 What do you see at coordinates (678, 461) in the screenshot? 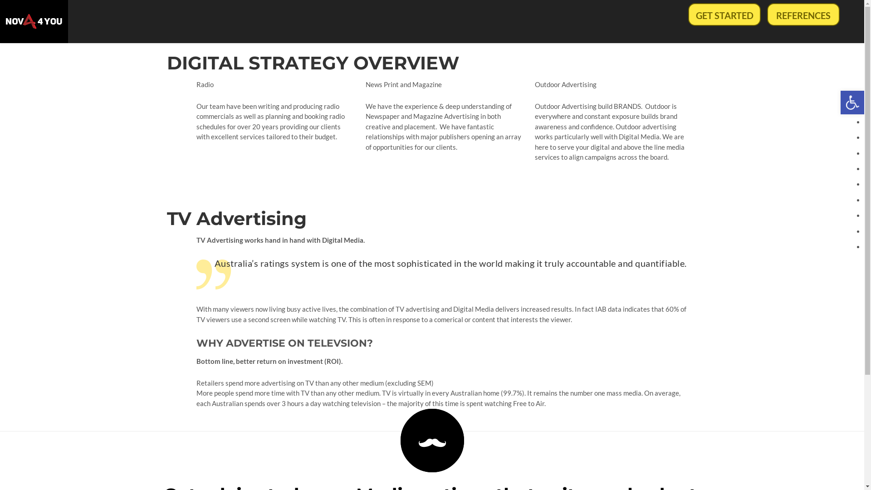
I see `'LinkedIn'` at bounding box center [678, 461].